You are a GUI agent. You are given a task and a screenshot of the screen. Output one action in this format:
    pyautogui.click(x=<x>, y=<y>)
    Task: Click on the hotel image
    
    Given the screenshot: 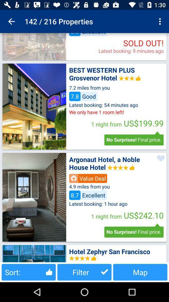 What is the action you would take?
    pyautogui.click(x=34, y=197)
    